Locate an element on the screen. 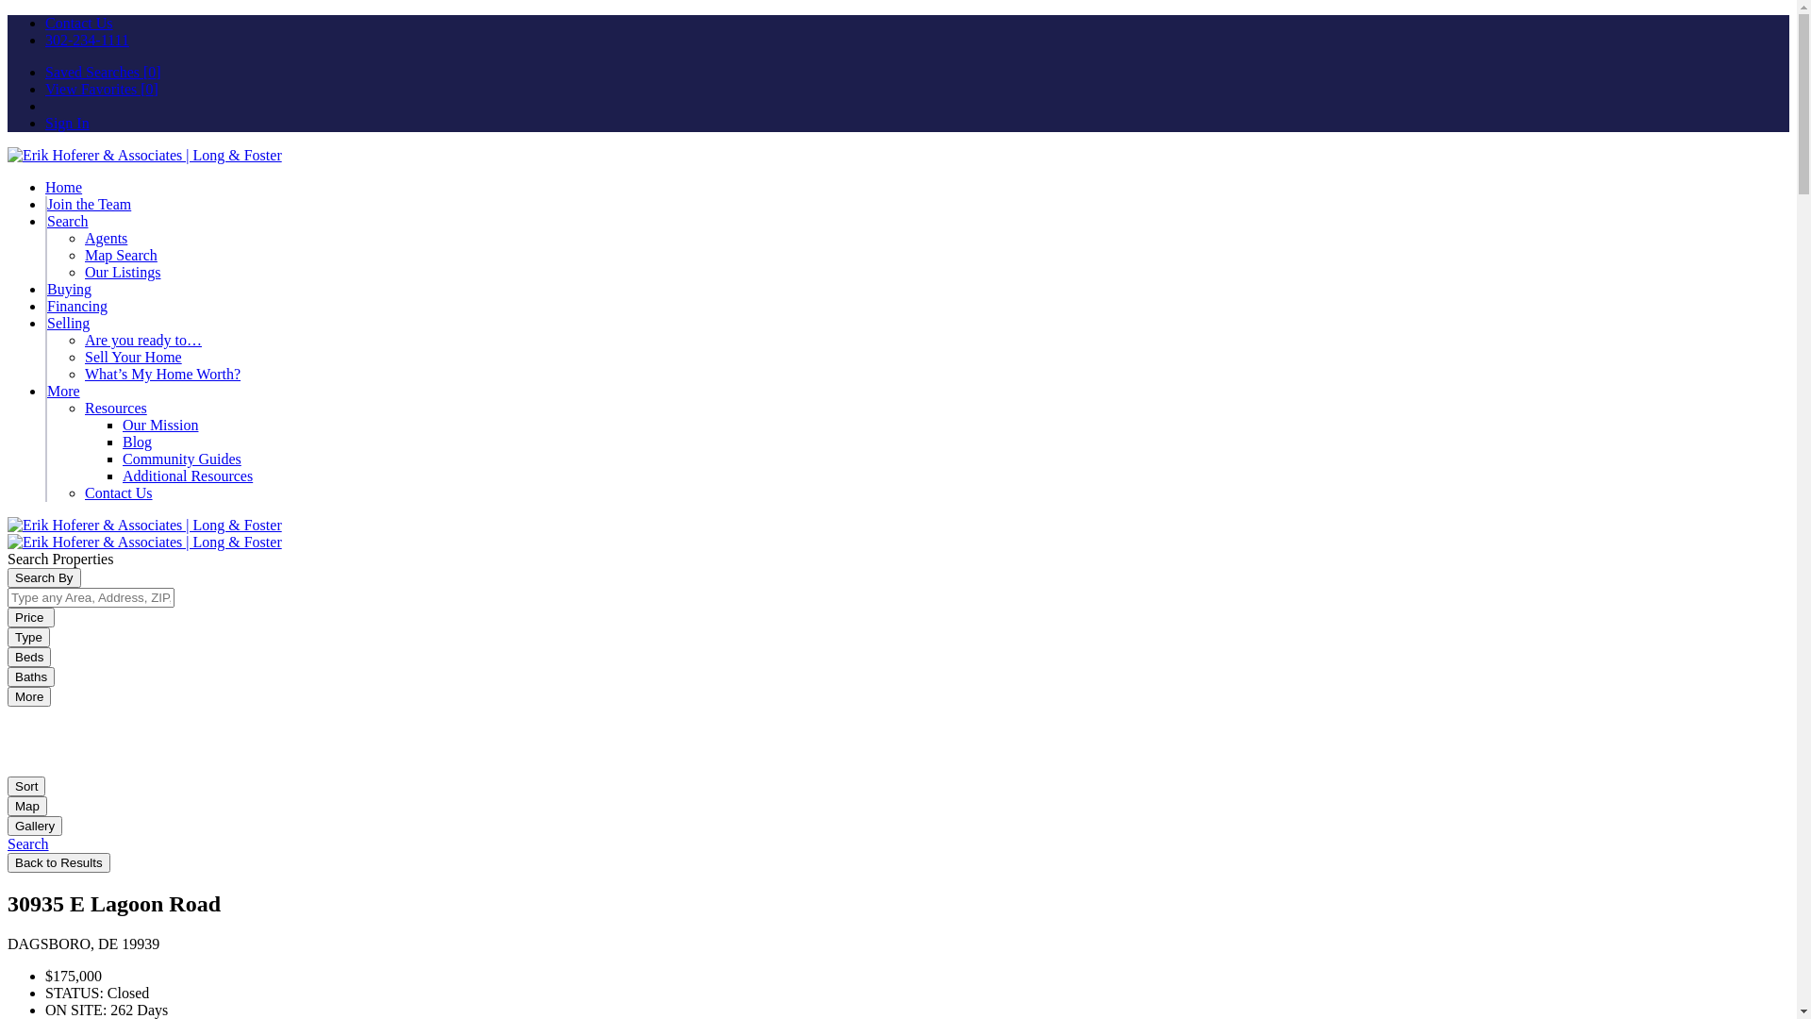 Image resolution: width=1811 pixels, height=1019 pixels. 'Map Search' is located at coordinates (120, 255).